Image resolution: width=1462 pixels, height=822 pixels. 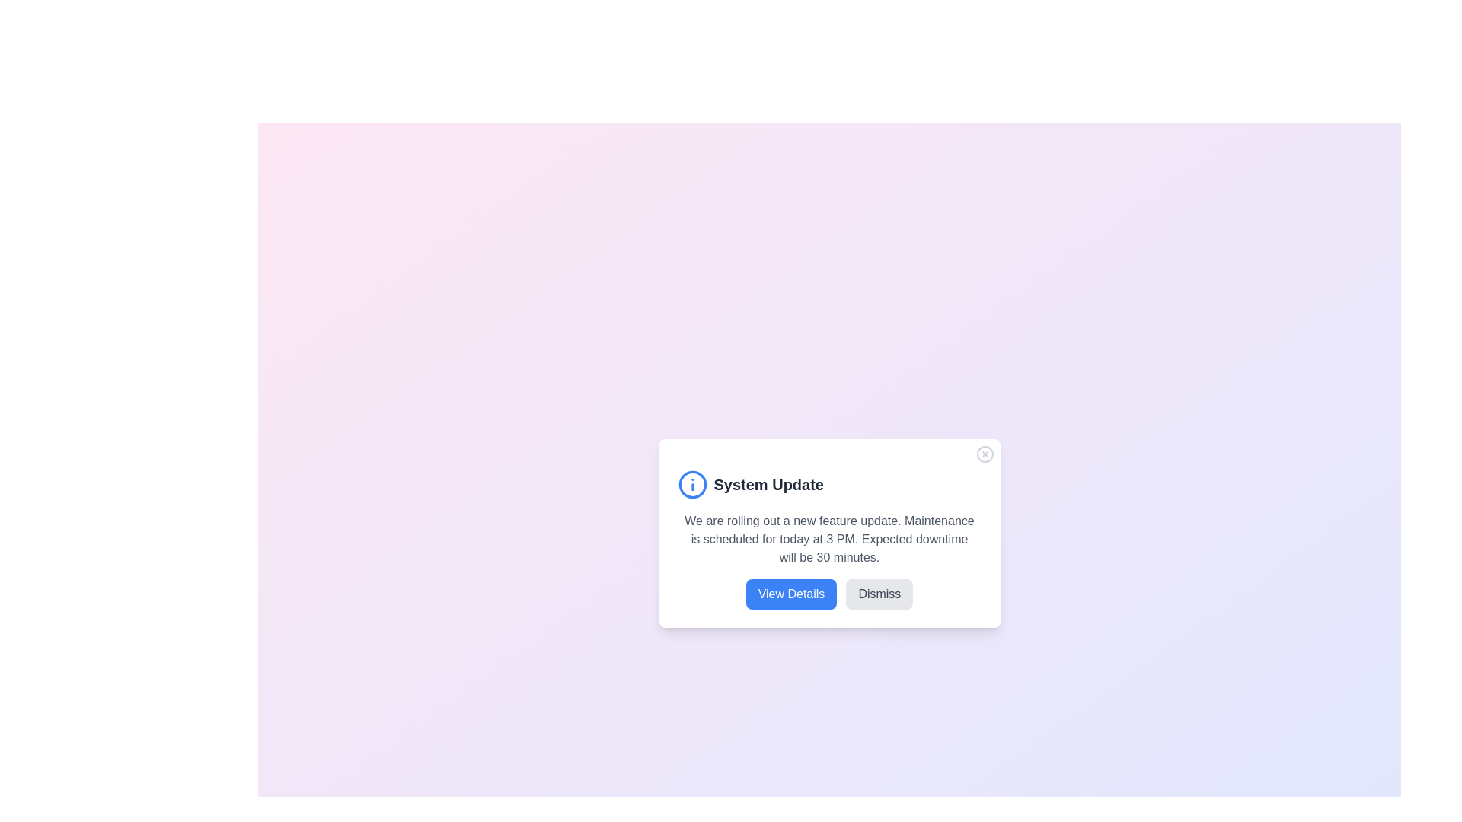 I want to click on the SVG circle graphic that serves as a decorative element of the information icon, located to the left of the 'System Update' title within the notification dialog box, so click(x=691, y=484).